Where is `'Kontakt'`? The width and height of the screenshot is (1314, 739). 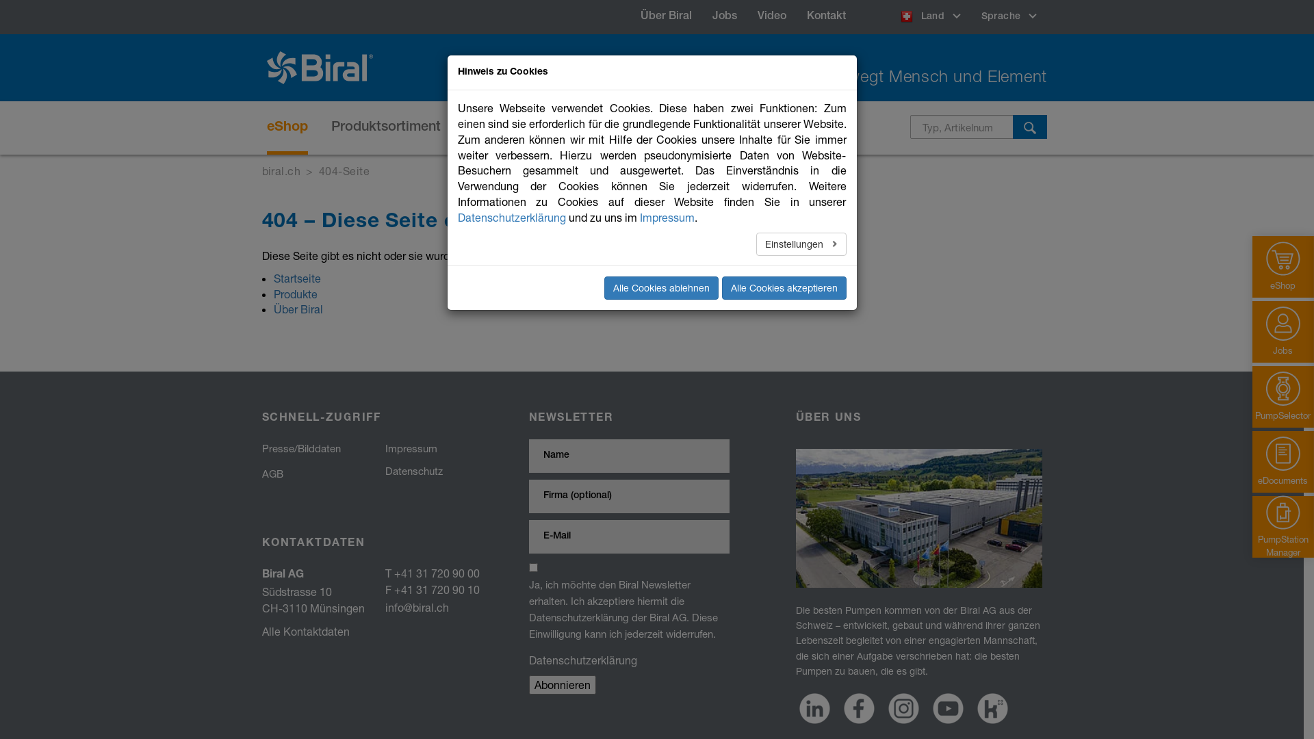
'Kontakt' is located at coordinates (796, 16).